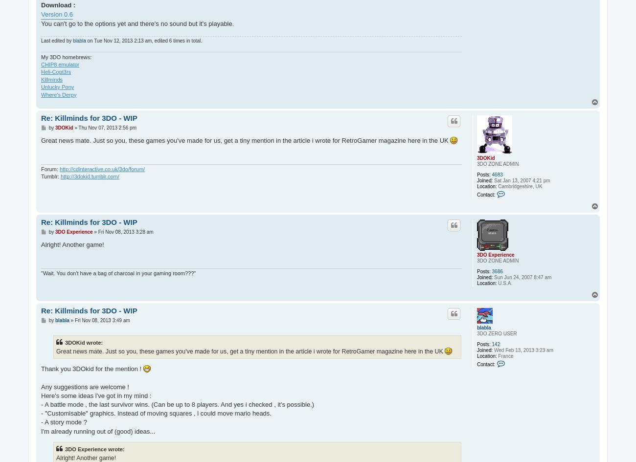 This screenshot has height=462, width=636. What do you see at coordinates (50, 168) in the screenshot?
I see `'Forum:'` at bounding box center [50, 168].